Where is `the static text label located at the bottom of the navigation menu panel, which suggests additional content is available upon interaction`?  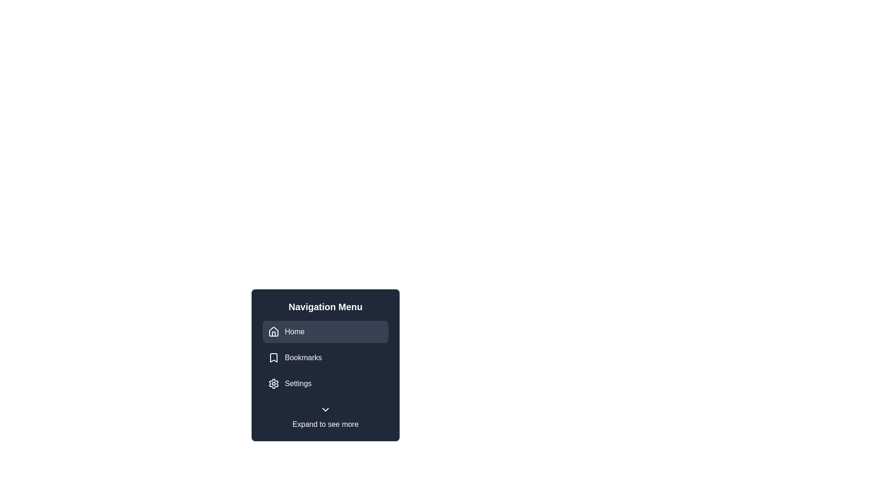 the static text label located at the bottom of the navigation menu panel, which suggests additional content is available upon interaction is located at coordinates (326, 425).